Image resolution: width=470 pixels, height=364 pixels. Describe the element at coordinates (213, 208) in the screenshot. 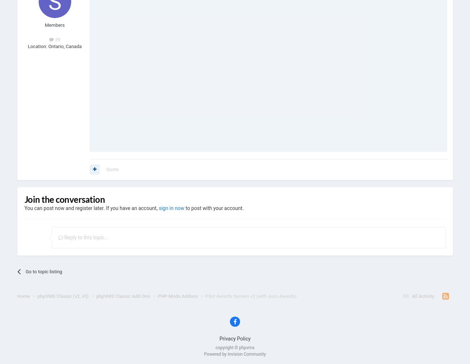

I see `'to post with your account.'` at that location.